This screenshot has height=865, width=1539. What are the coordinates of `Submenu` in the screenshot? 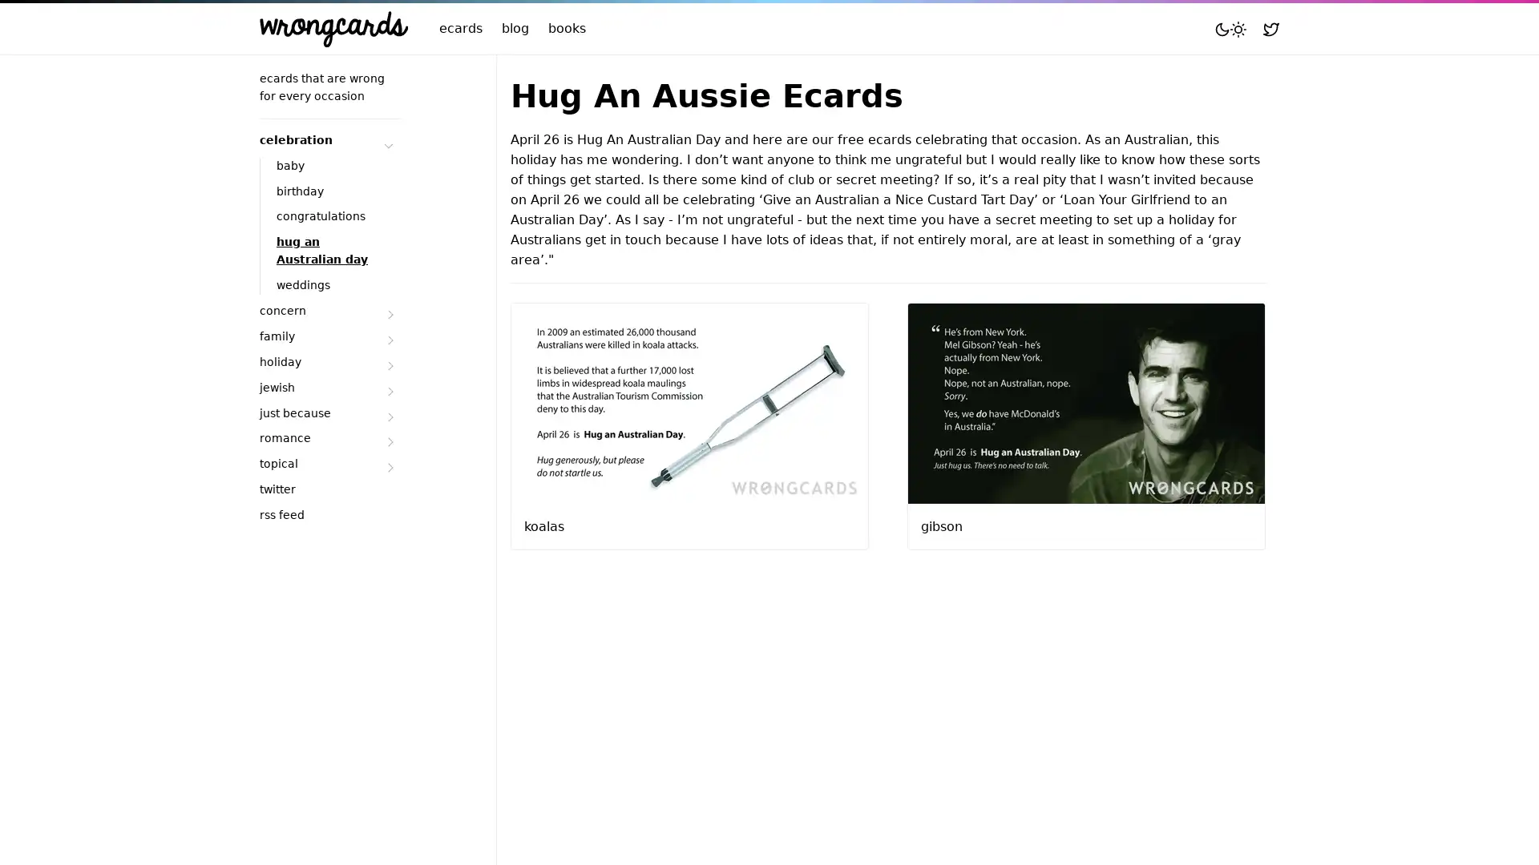 It's located at (388, 391).